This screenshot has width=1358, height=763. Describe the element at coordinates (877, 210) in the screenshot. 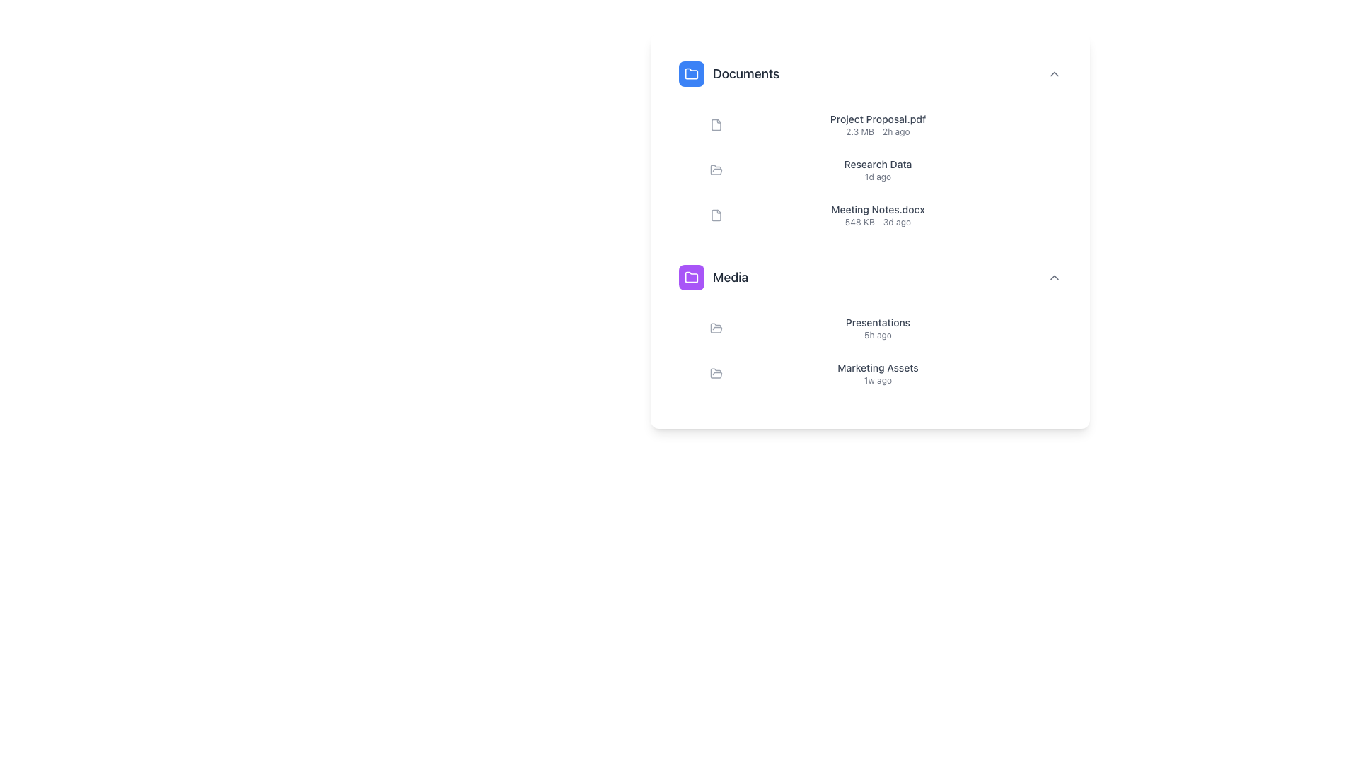

I see `the File label or description text located in the third position under the 'Documents' category` at that location.